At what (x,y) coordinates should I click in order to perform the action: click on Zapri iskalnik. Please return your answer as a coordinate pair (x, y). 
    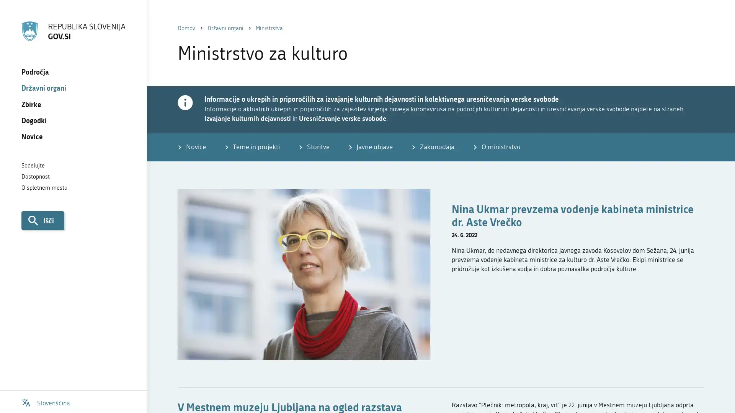
    Looking at the image, I should click on (712, 19).